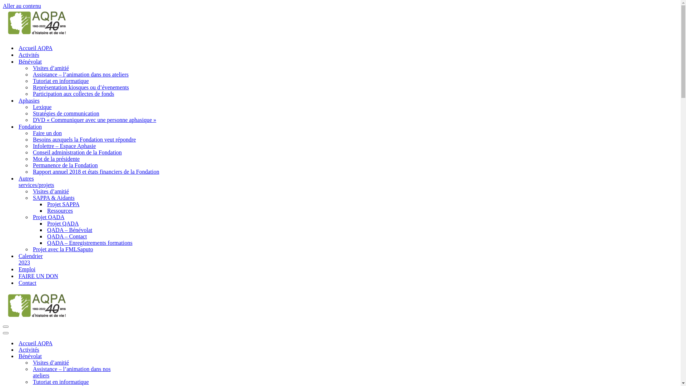 This screenshot has width=686, height=386. I want to click on 'Projet QADA', so click(47, 223).